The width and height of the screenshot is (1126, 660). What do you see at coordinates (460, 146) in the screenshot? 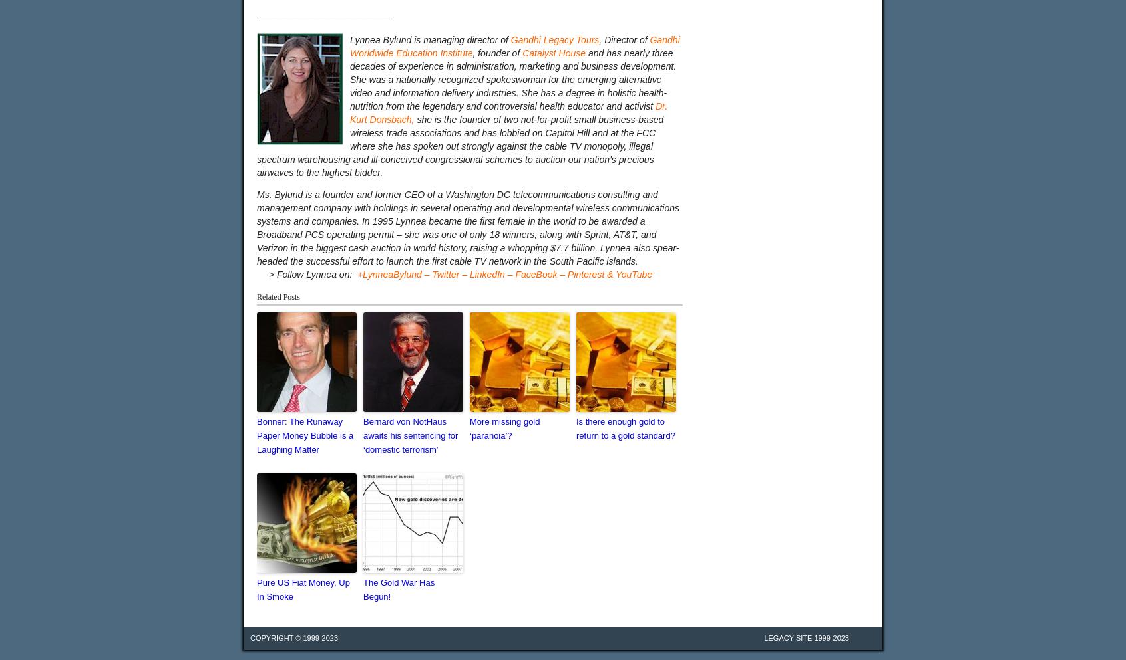
I see `'she is the founder of two not-for-profit small business-based wireless trade associations and has lobbied on Capitol Hill and at the FCC where she has spoken out strongly against the cable TV monopoly, illegal spectrum warehousing and ill-conceived congressional schemes to auction our nation’s precious airwaves to the highest bidder.'` at bounding box center [460, 146].